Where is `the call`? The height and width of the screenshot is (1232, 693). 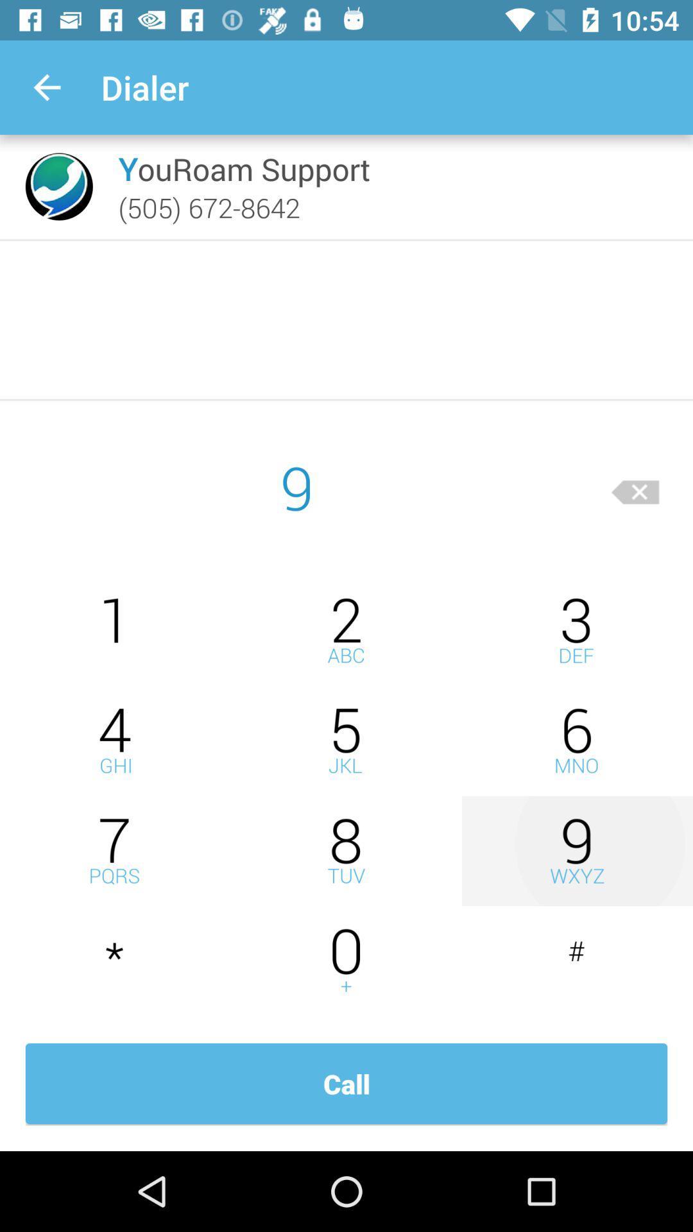
the call is located at coordinates (346, 1083).